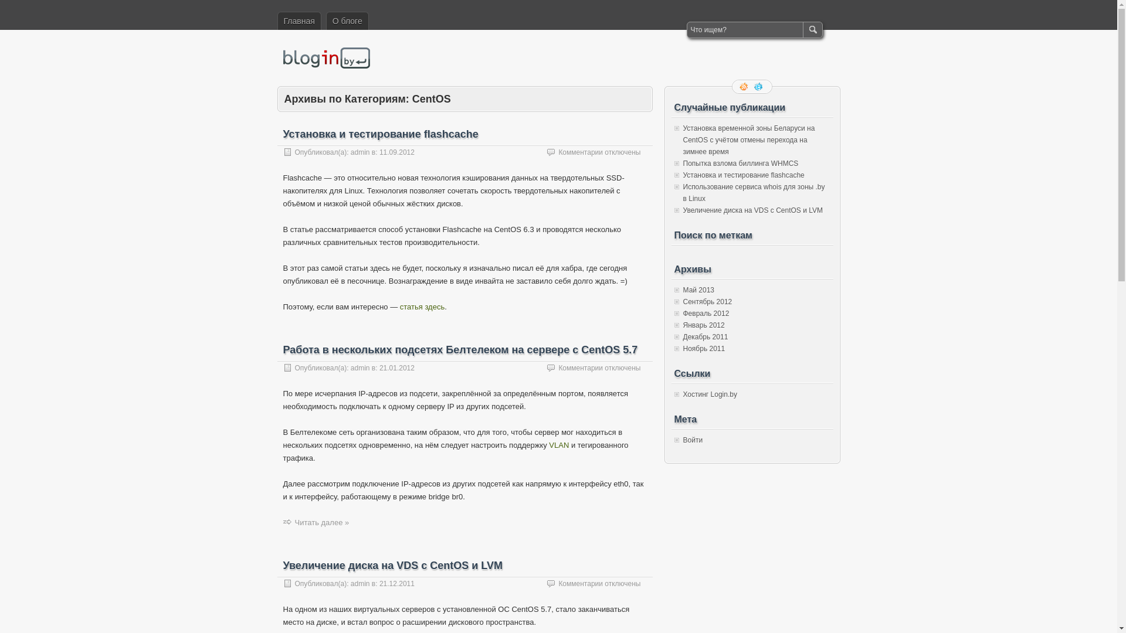 The height and width of the screenshot is (633, 1126). Describe the element at coordinates (396, 367) in the screenshot. I see `'21.01.2012'` at that location.